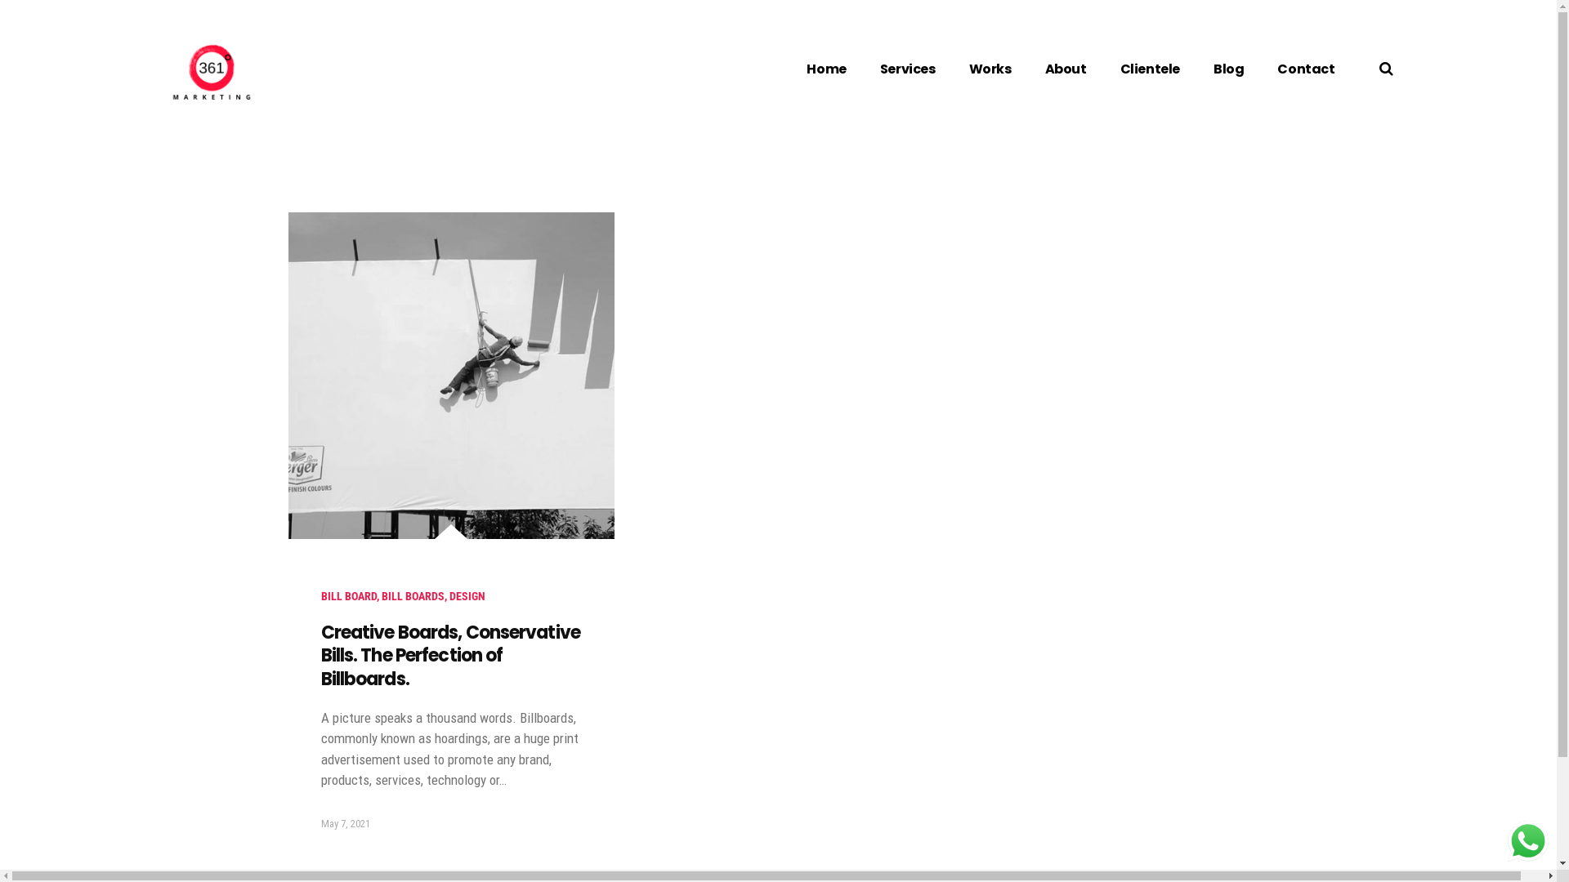 Image resolution: width=1569 pixels, height=882 pixels. I want to click on 'Services', so click(906, 68).